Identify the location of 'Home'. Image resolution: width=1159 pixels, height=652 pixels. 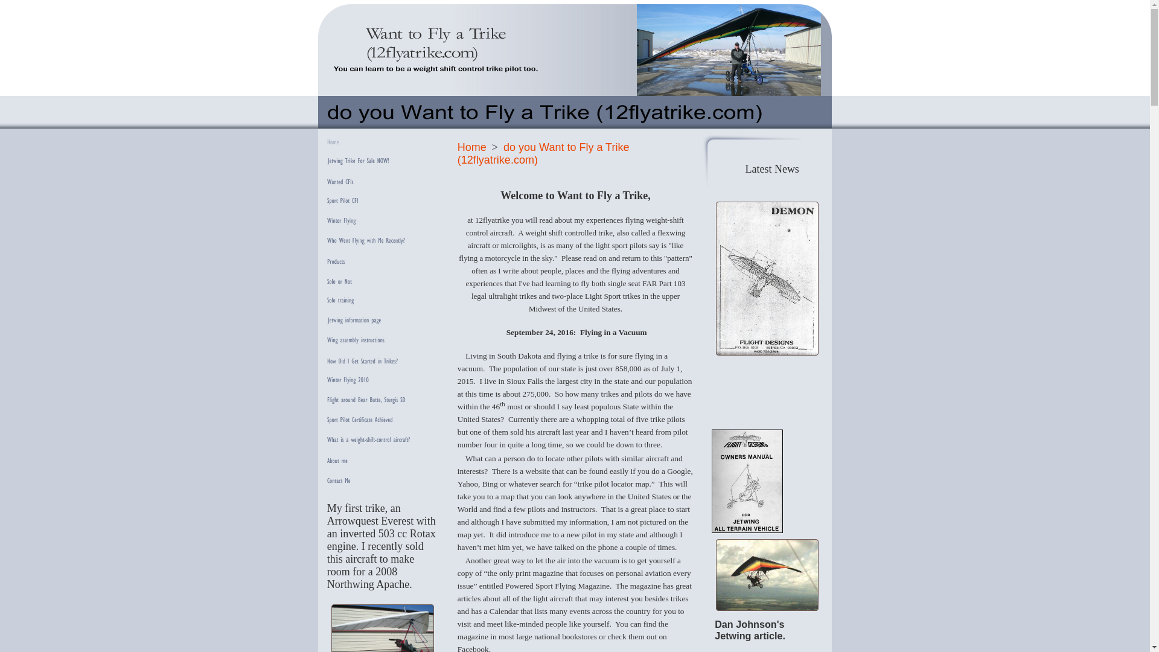
(471, 146).